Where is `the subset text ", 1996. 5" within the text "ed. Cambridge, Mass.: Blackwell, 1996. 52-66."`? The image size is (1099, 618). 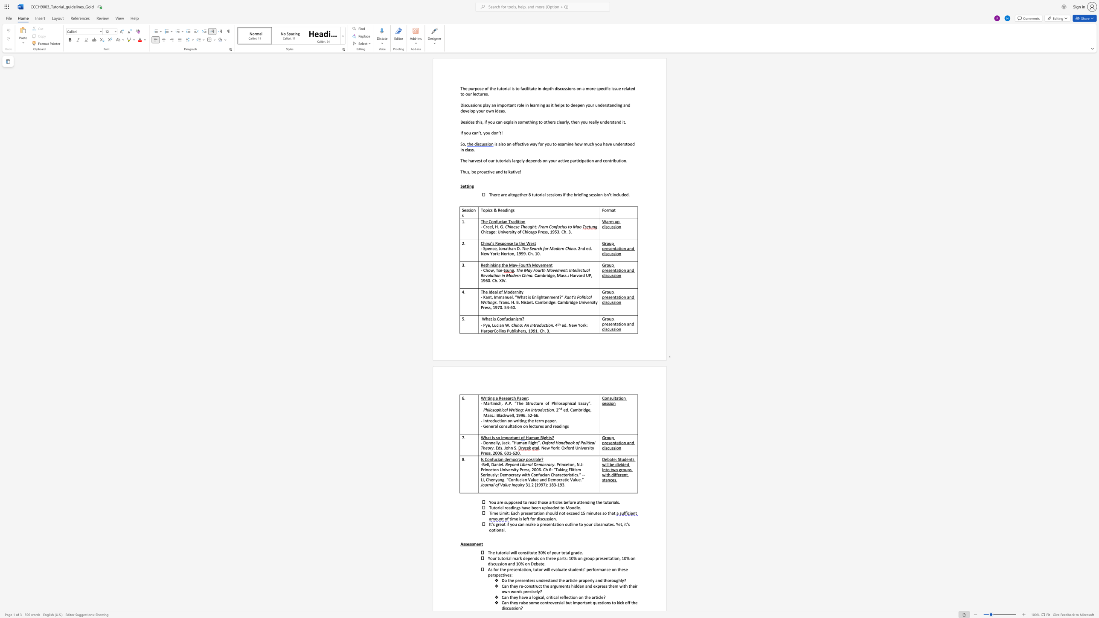 the subset text ", 1996. 5" within the text "ed. Cambridge, Mass.: Blackwell, 1996. 52-66." is located at coordinates (514, 415).